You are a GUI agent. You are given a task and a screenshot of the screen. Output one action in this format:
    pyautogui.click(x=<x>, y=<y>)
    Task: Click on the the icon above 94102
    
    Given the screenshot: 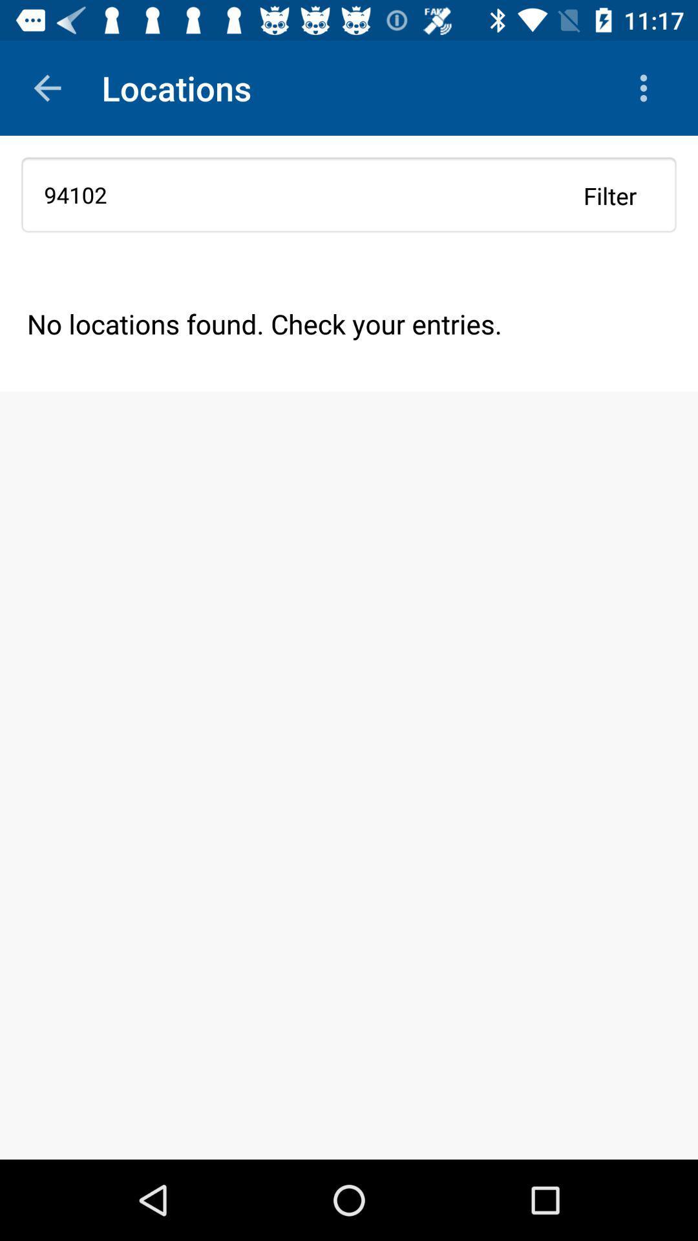 What is the action you would take?
    pyautogui.click(x=647, y=87)
    